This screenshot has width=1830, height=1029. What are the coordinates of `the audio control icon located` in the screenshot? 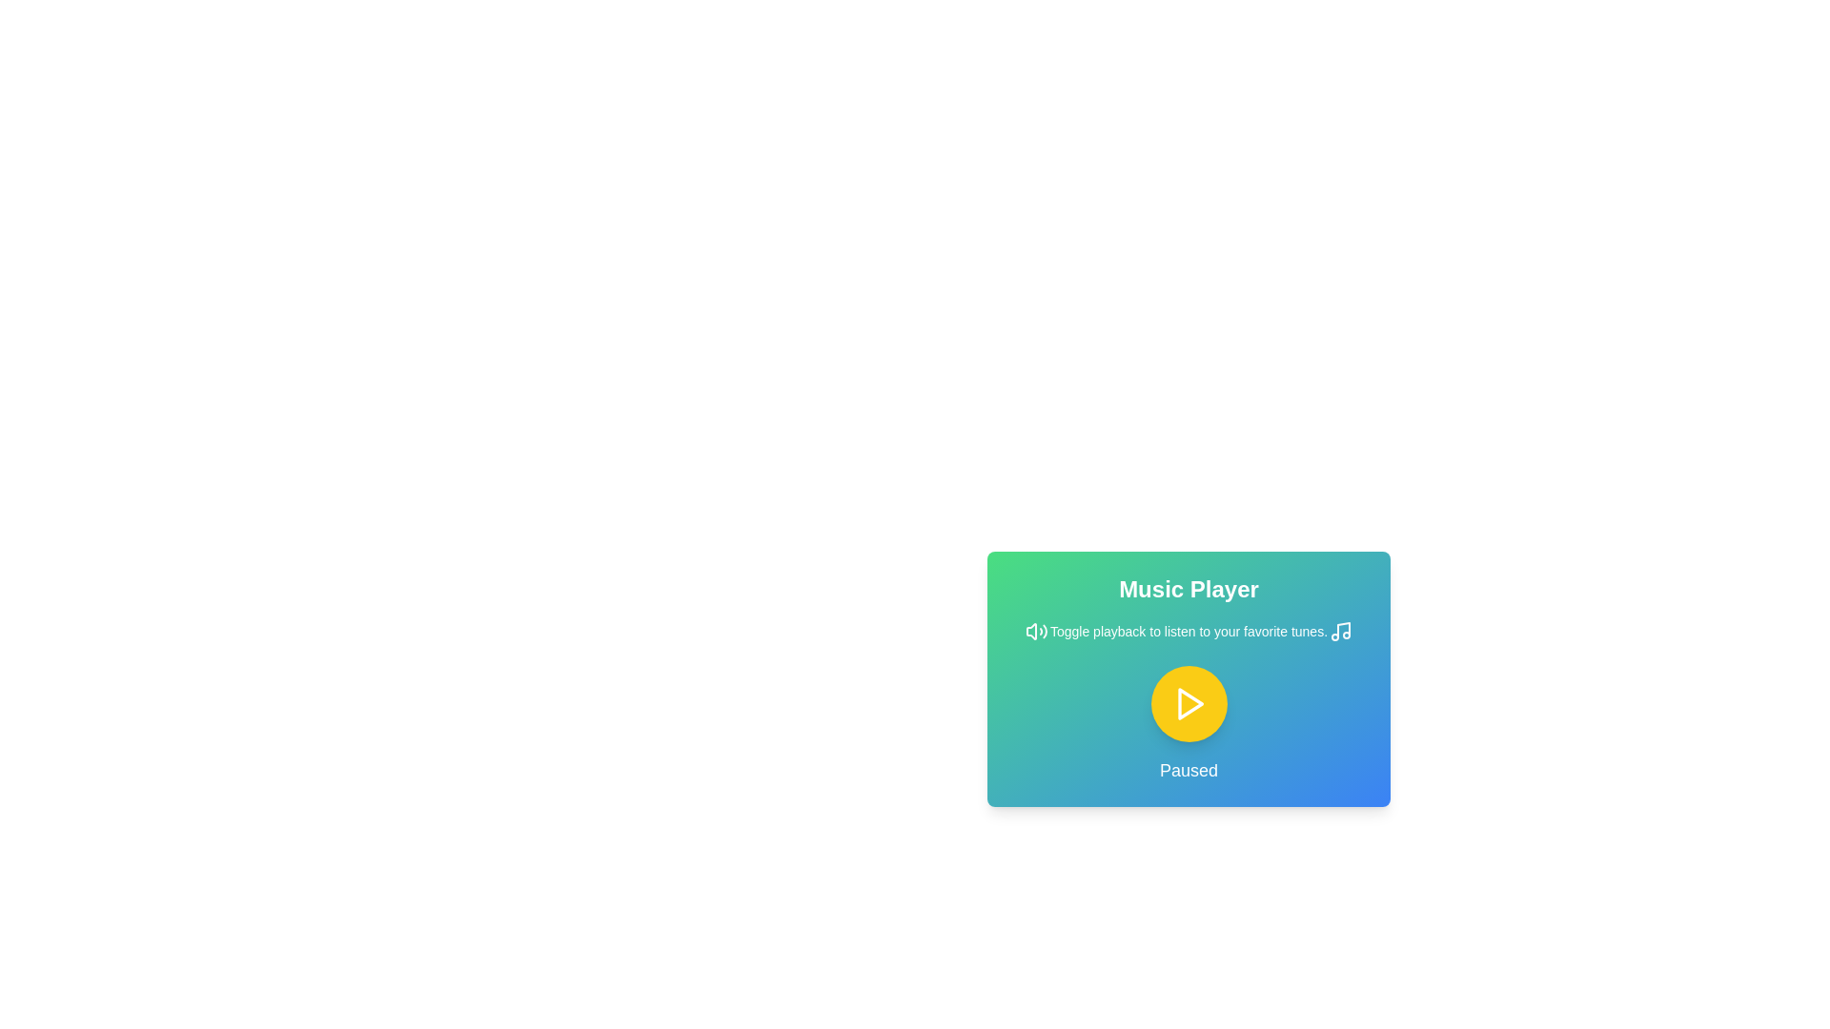 It's located at (1036, 632).